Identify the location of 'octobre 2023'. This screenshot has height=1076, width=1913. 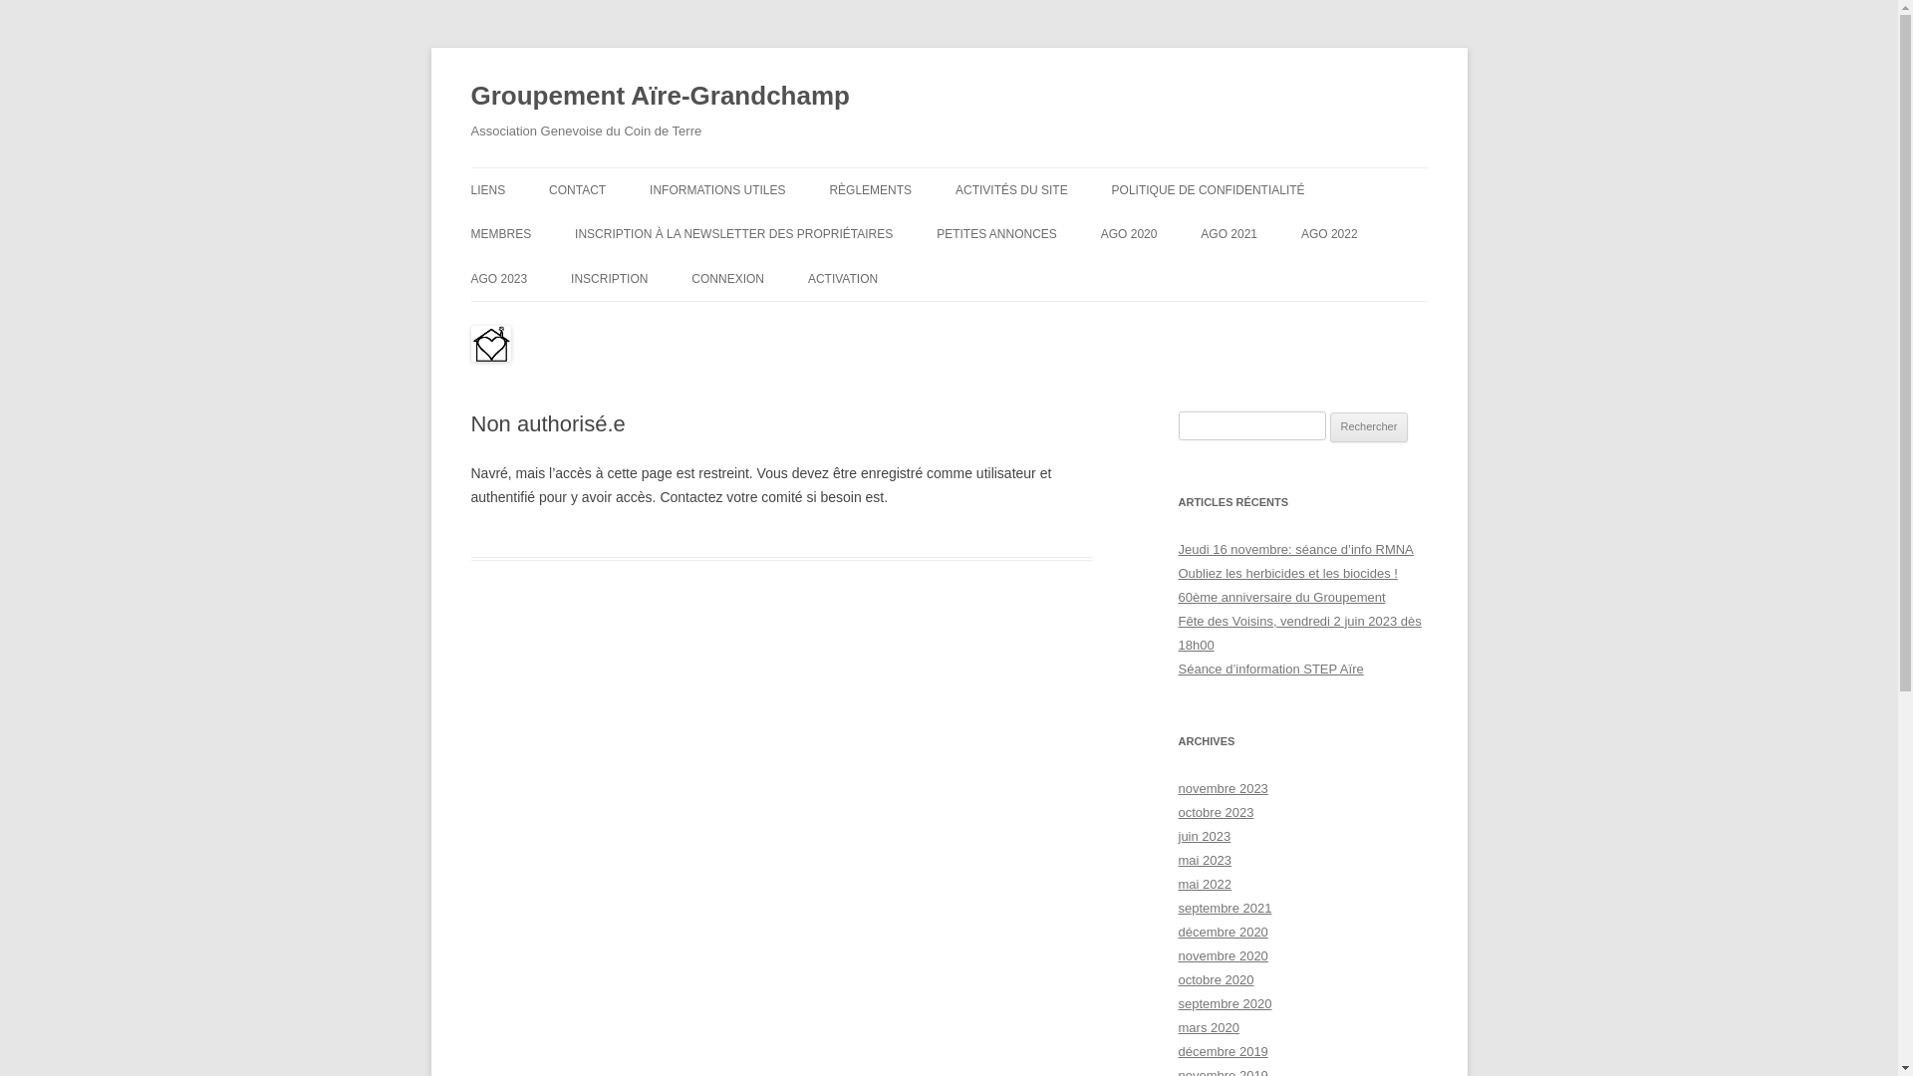
(1177, 812).